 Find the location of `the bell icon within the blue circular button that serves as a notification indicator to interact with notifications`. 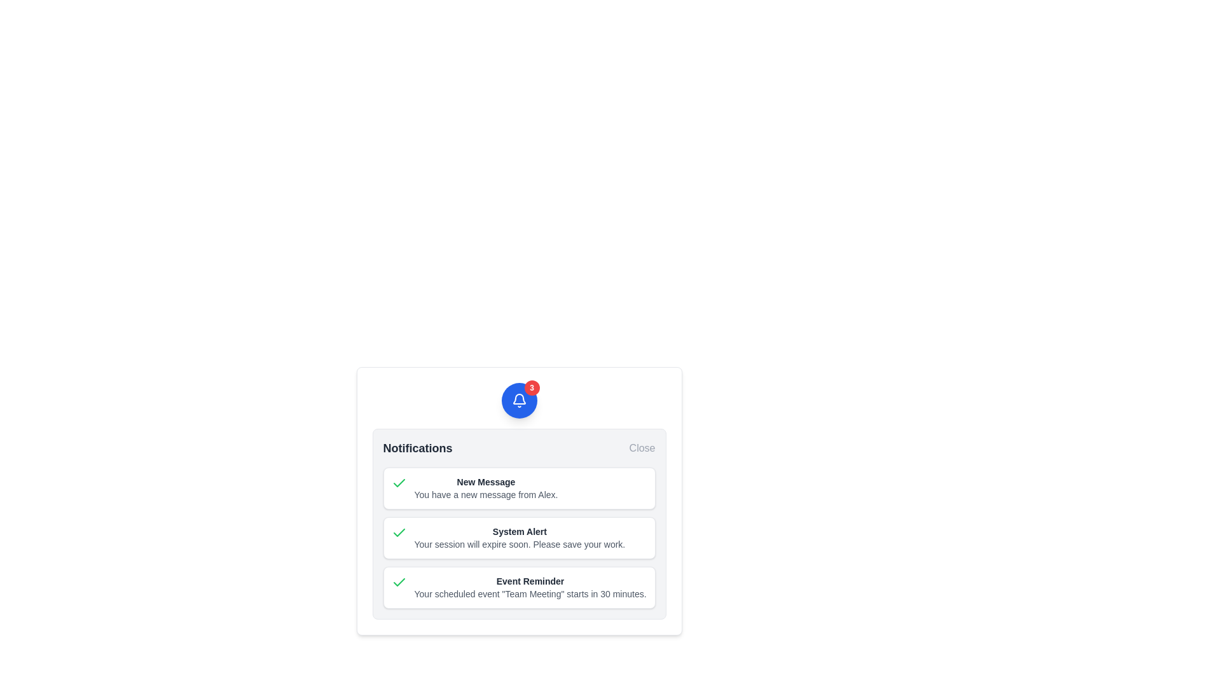

the bell icon within the blue circular button that serves as a notification indicator to interact with notifications is located at coordinates (519, 399).